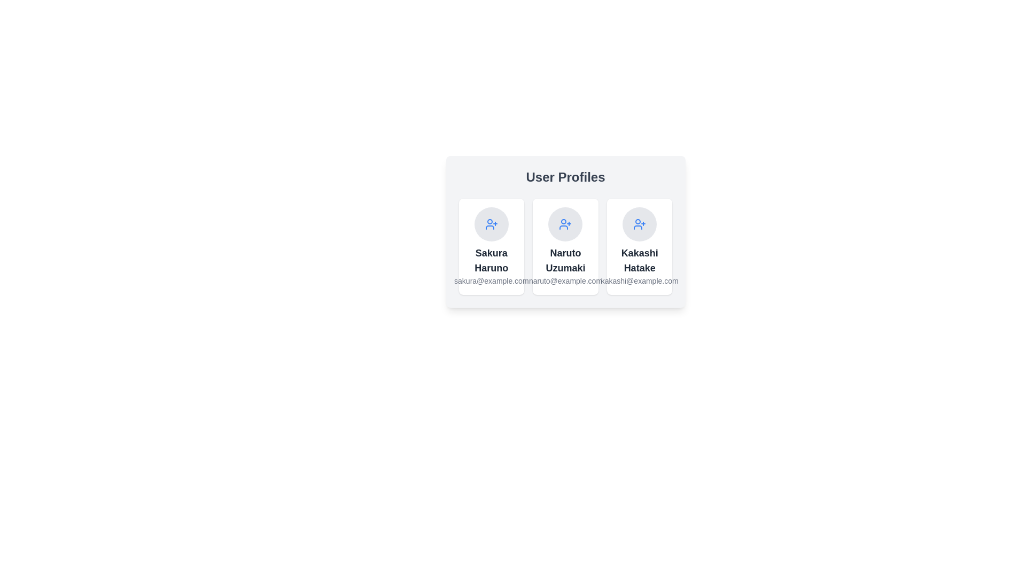 The image size is (1026, 577). I want to click on the user name text label 'Sakura Haruno' located in the first column of the 'User Profiles' section, positioned between an icon above and the email text below, so click(491, 261).